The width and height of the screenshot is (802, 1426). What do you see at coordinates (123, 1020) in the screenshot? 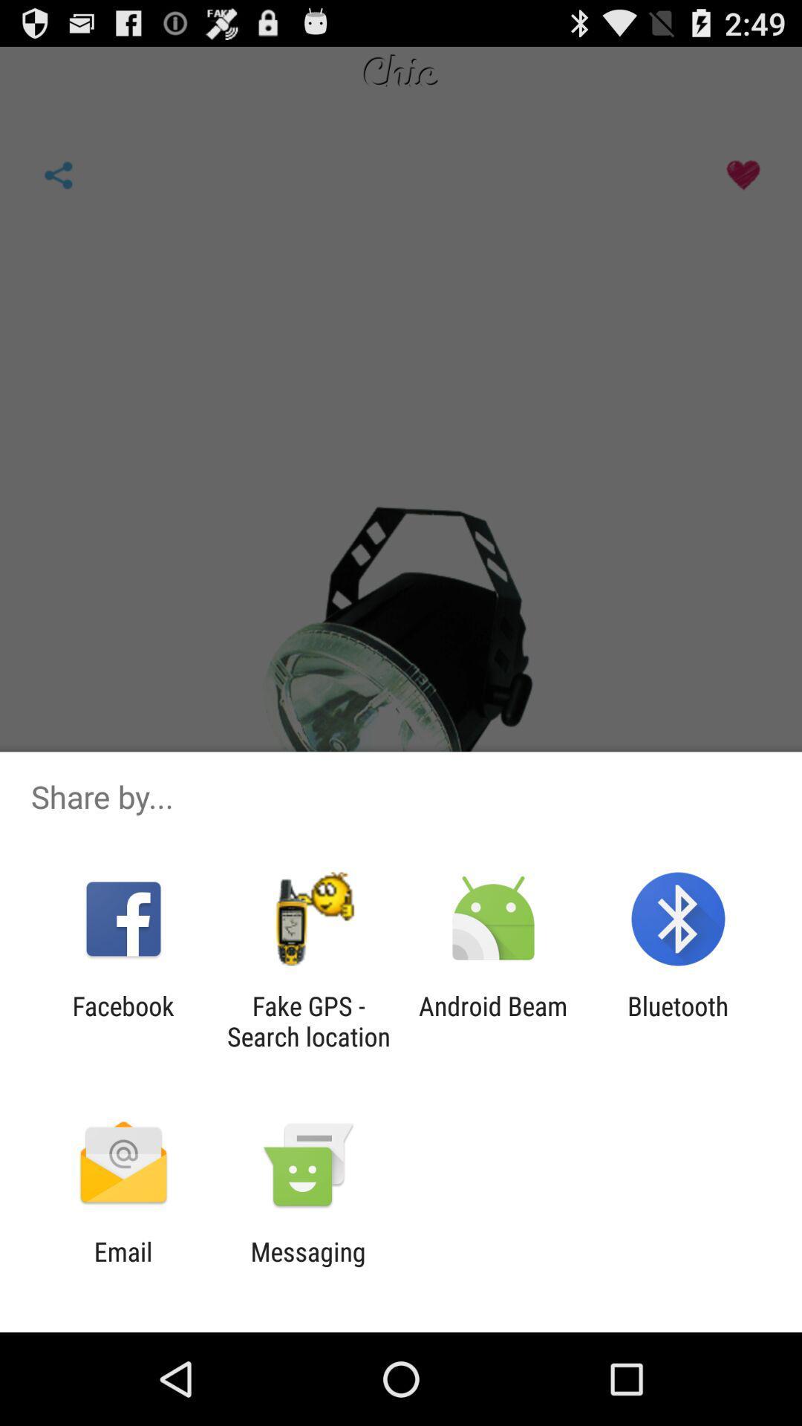
I see `the facebook app` at bounding box center [123, 1020].